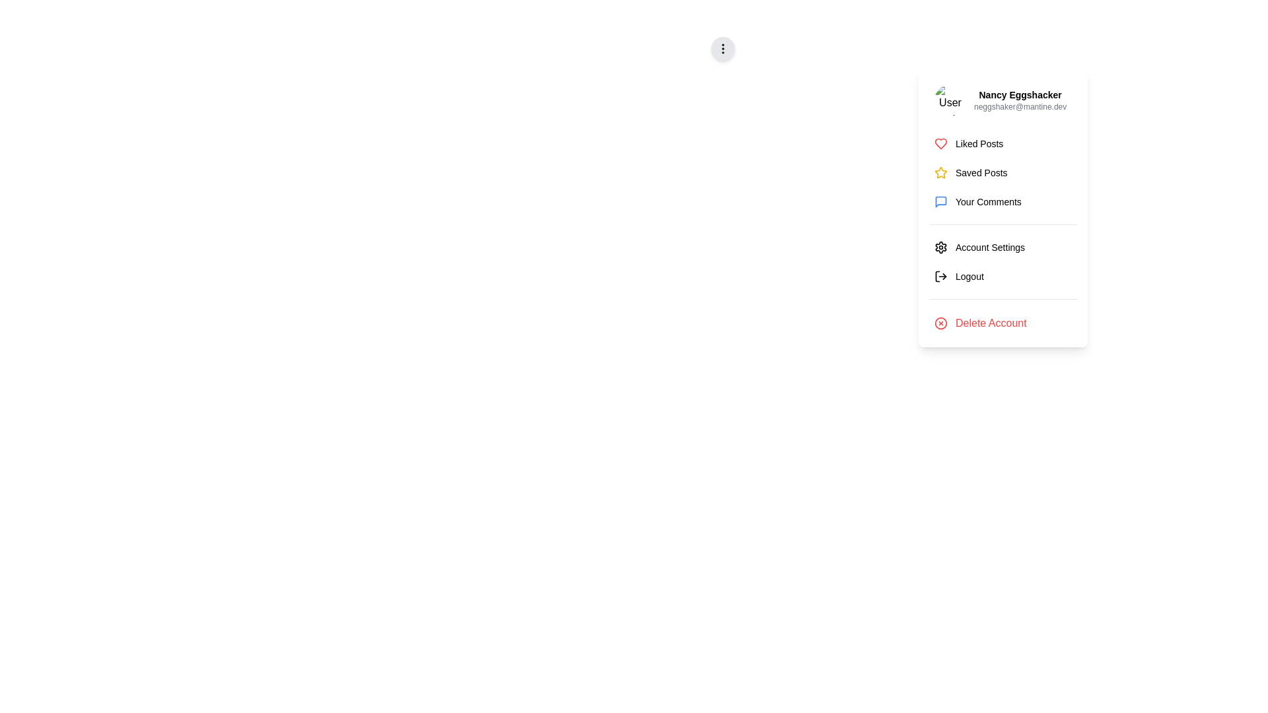  What do you see at coordinates (722, 48) in the screenshot?
I see `the ellipsis icon consisting of three vertically aligned circles` at bounding box center [722, 48].